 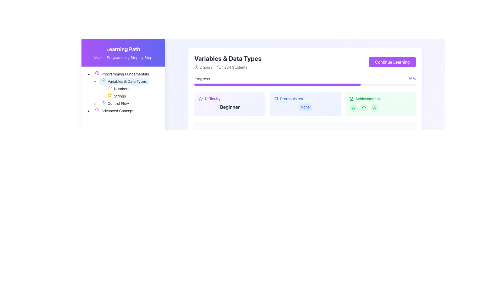 I want to click on the 'Continue Learning' button with a purple background and white text to observe its color change effect, so click(x=392, y=62).